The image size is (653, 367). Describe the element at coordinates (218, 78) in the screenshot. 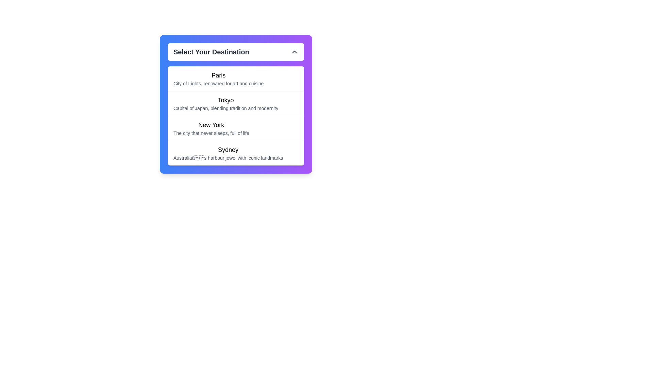

I see `the list item representing the city of Paris` at that location.